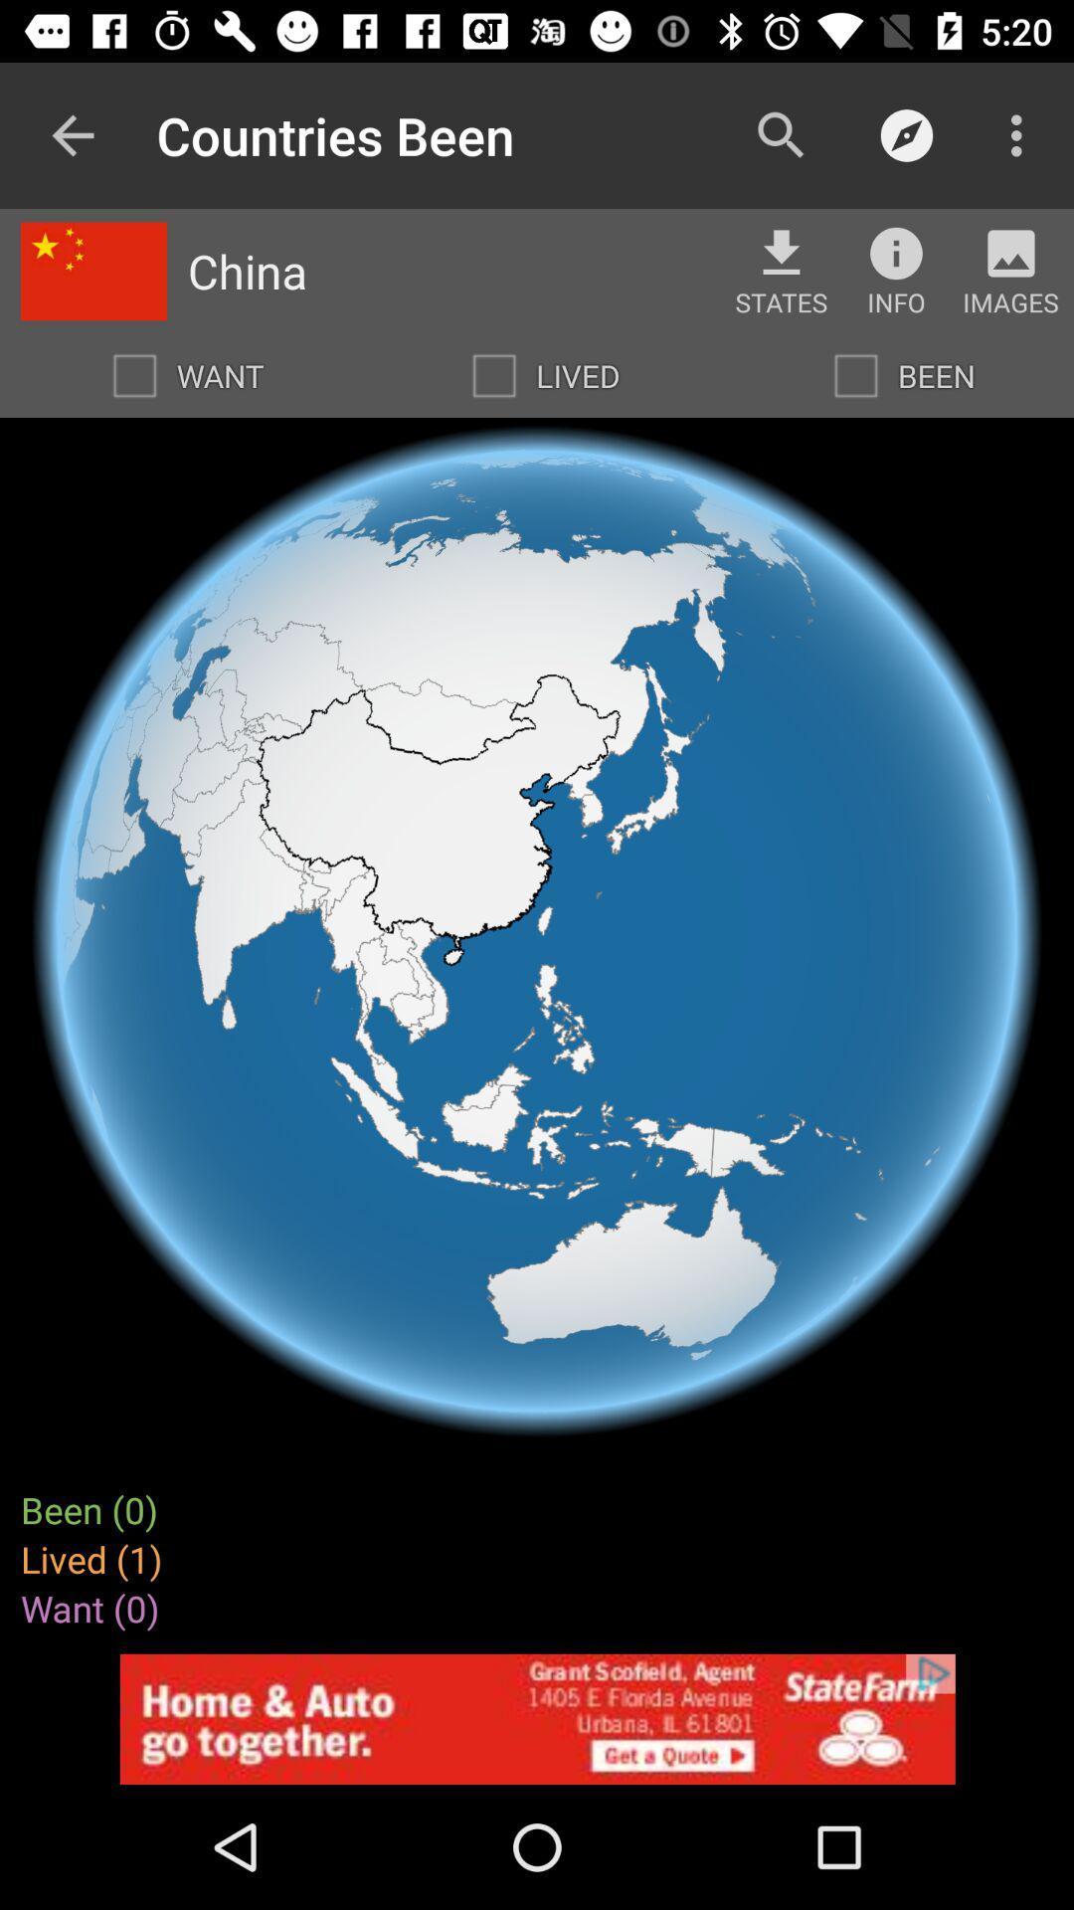 Image resolution: width=1074 pixels, height=1910 pixels. Describe the element at coordinates (1011, 252) in the screenshot. I see `images` at that location.